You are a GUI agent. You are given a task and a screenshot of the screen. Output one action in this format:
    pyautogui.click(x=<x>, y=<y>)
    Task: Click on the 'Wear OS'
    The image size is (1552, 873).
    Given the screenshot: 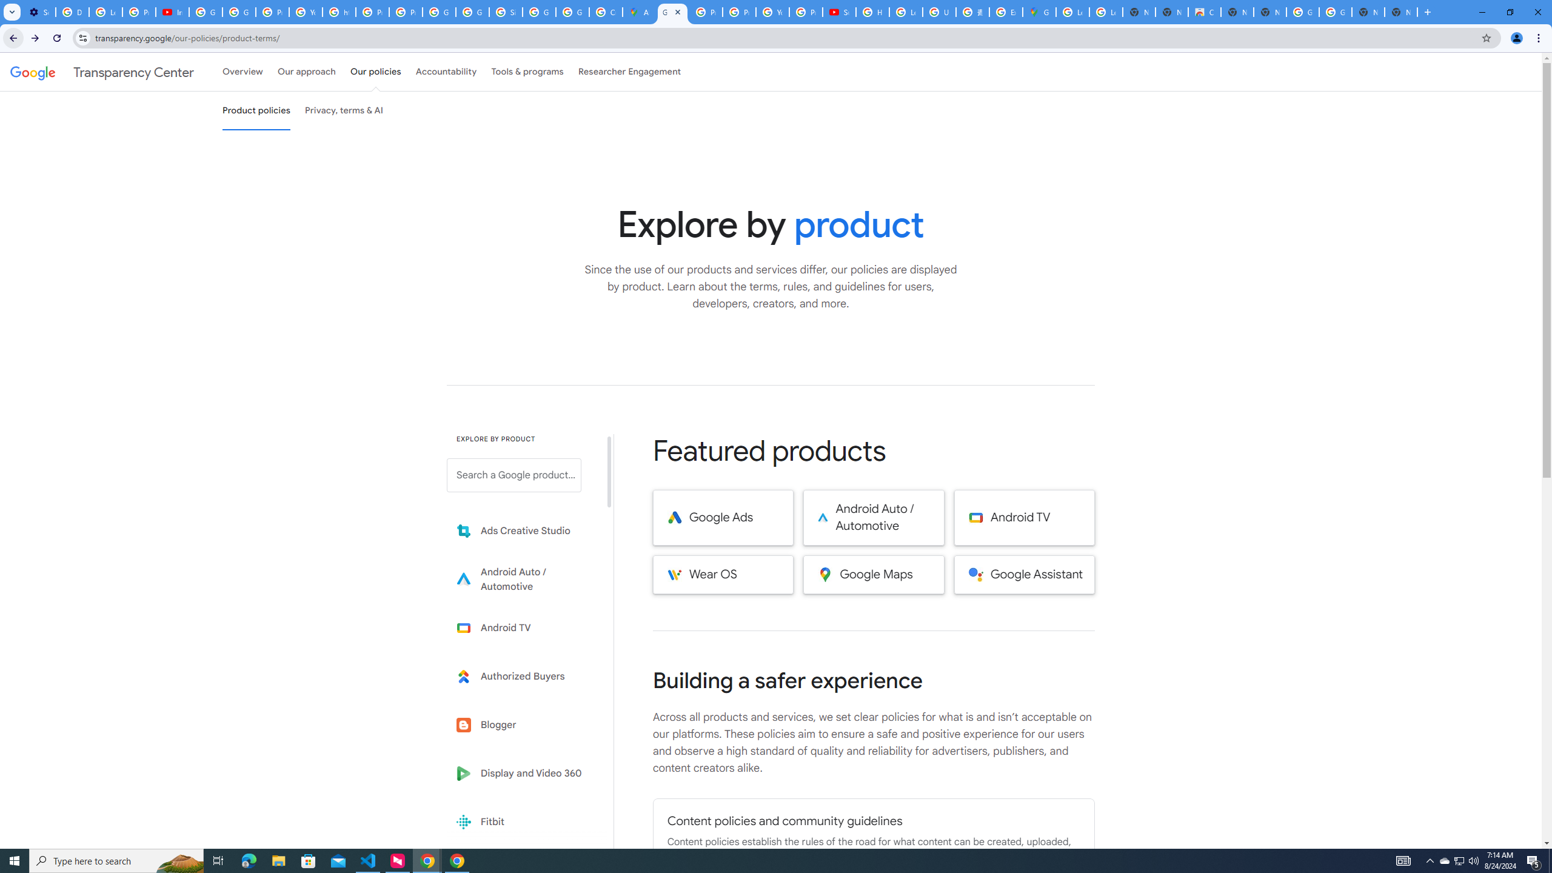 What is the action you would take?
    pyautogui.click(x=722, y=574)
    